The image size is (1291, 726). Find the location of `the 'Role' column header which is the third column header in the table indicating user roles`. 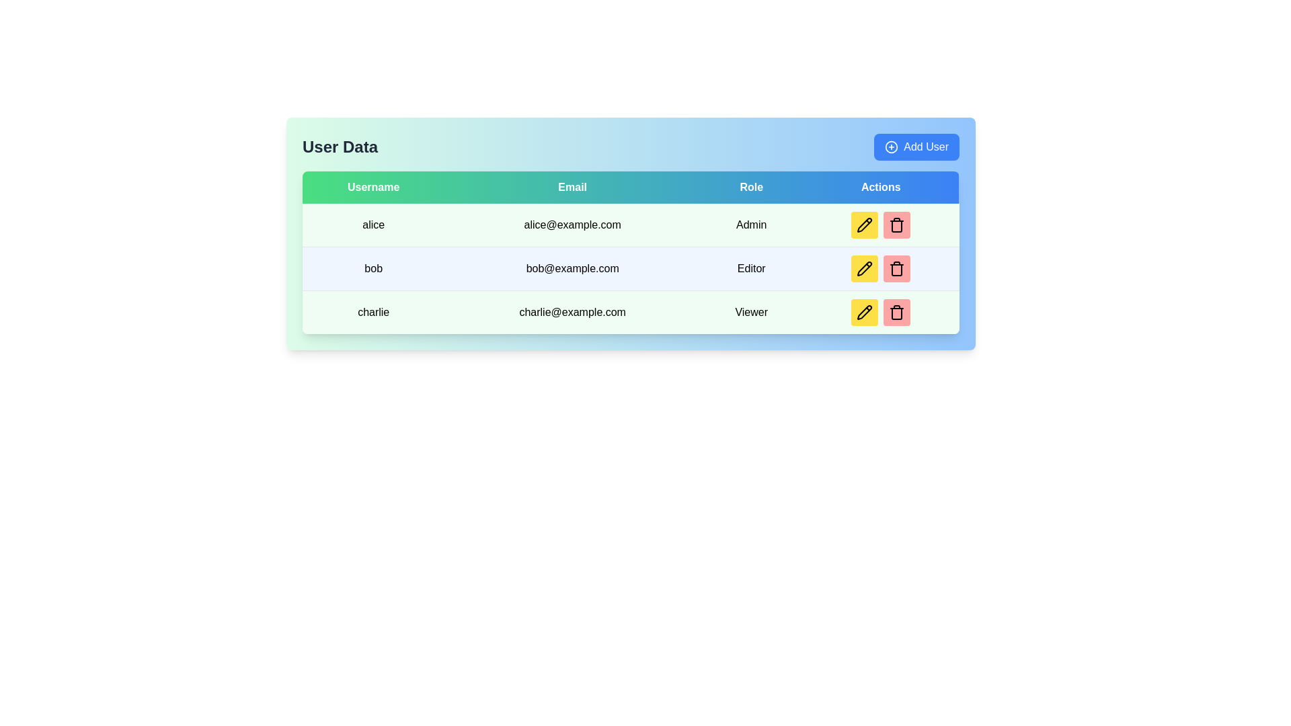

the 'Role' column header which is the third column header in the table indicating user roles is located at coordinates (750, 187).